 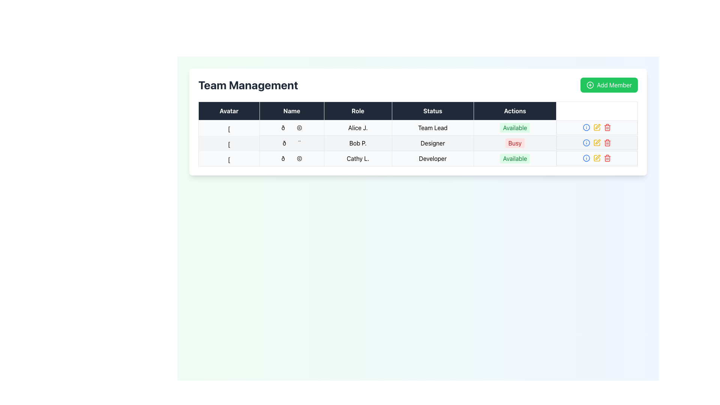 I want to click on the static text element displaying the status of 'Alice J.' in the table under the 'Status' column, so click(x=433, y=127).